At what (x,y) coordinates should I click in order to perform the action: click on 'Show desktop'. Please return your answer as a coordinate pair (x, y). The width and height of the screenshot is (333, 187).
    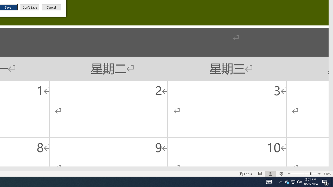
    Looking at the image, I should click on (332, 181).